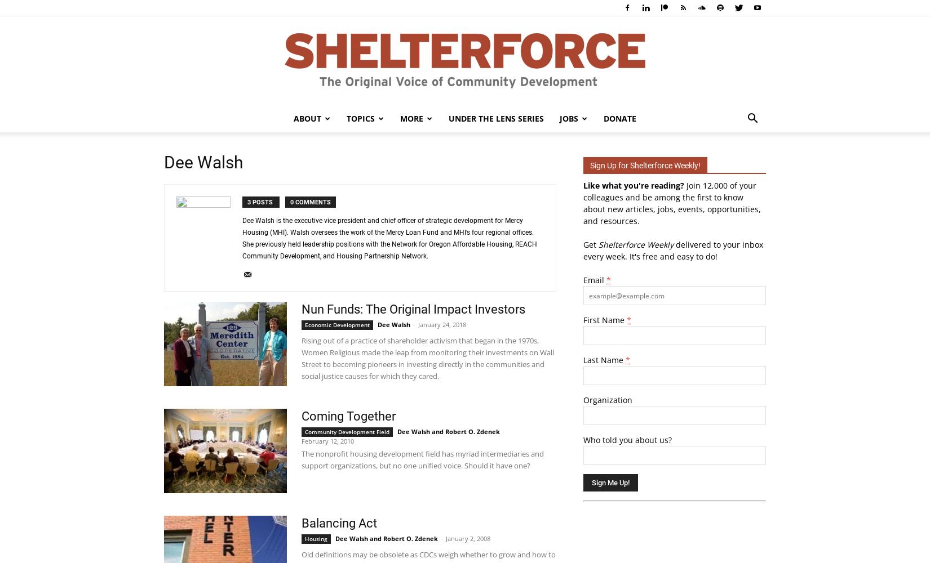  What do you see at coordinates (316, 538) in the screenshot?
I see `'Housing'` at bounding box center [316, 538].